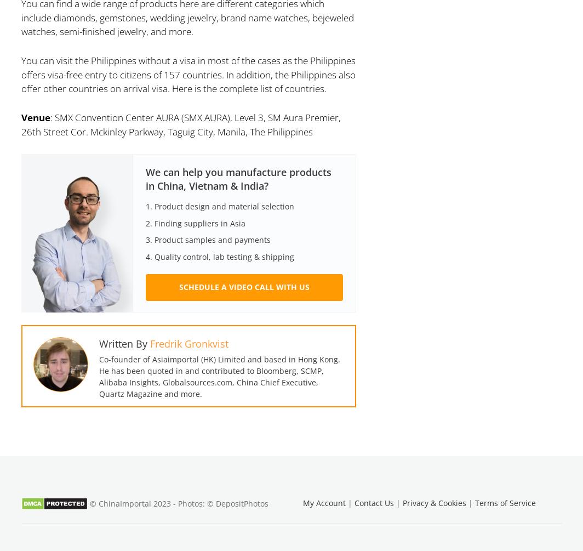 The height and width of the screenshot is (551, 583). Describe the element at coordinates (20, 117) in the screenshot. I see `'Venue'` at that location.